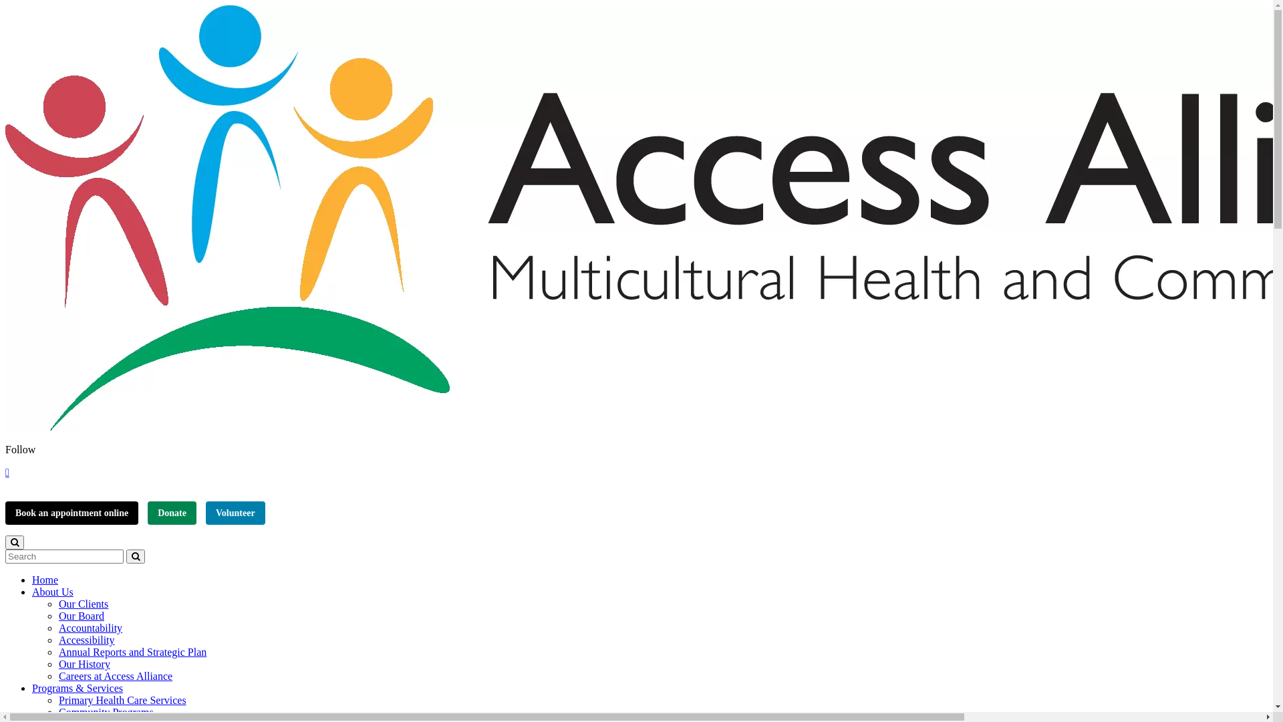 The height and width of the screenshot is (722, 1283). I want to click on 'Accessibility', so click(86, 639).